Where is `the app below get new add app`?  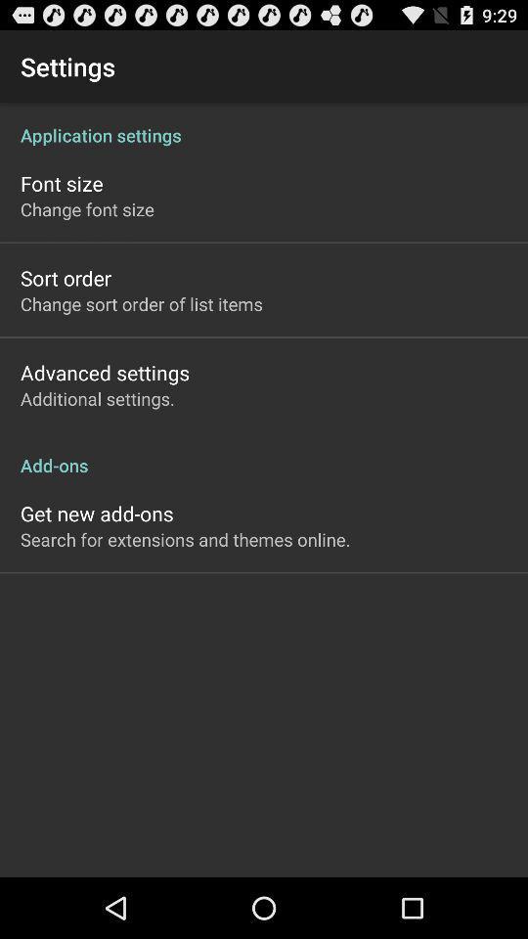
the app below get new add app is located at coordinates (185, 539).